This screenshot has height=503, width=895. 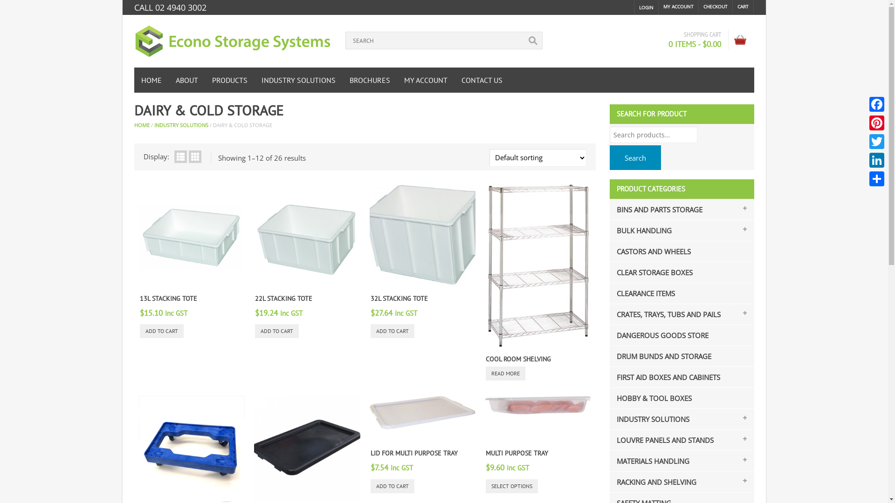 What do you see at coordinates (867, 142) in the screenshot?
I see `'Twitter'` at bounding box center [867, 142].